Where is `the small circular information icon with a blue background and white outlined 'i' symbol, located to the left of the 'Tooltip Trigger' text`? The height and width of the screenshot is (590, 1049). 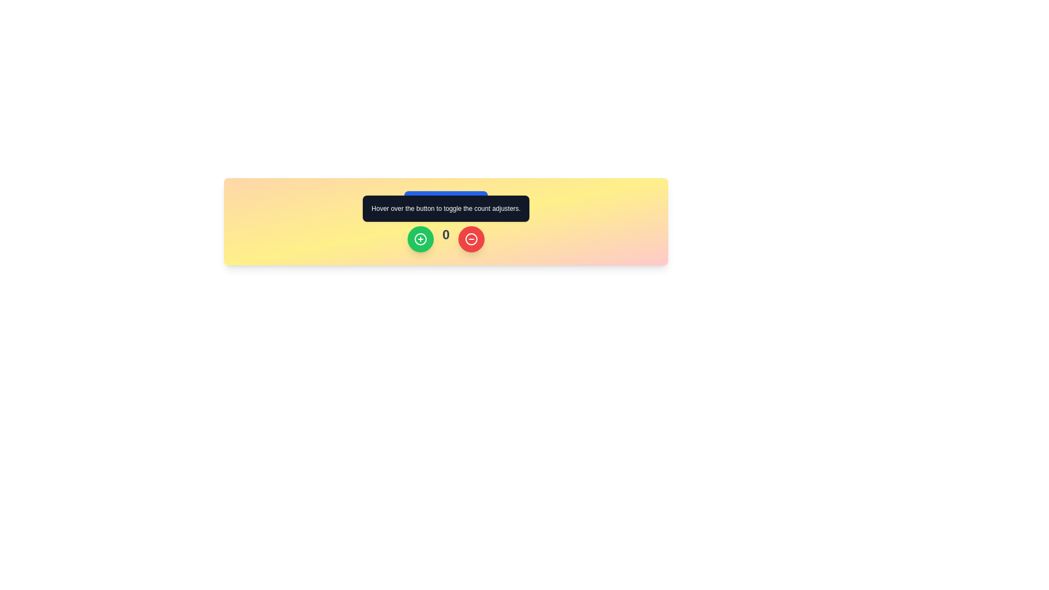 the small circular information icon with a blue background and white outlined 'i' symbol, located to the left of the 'Tooltip Trigger' text is located at coordinates (418, 202).